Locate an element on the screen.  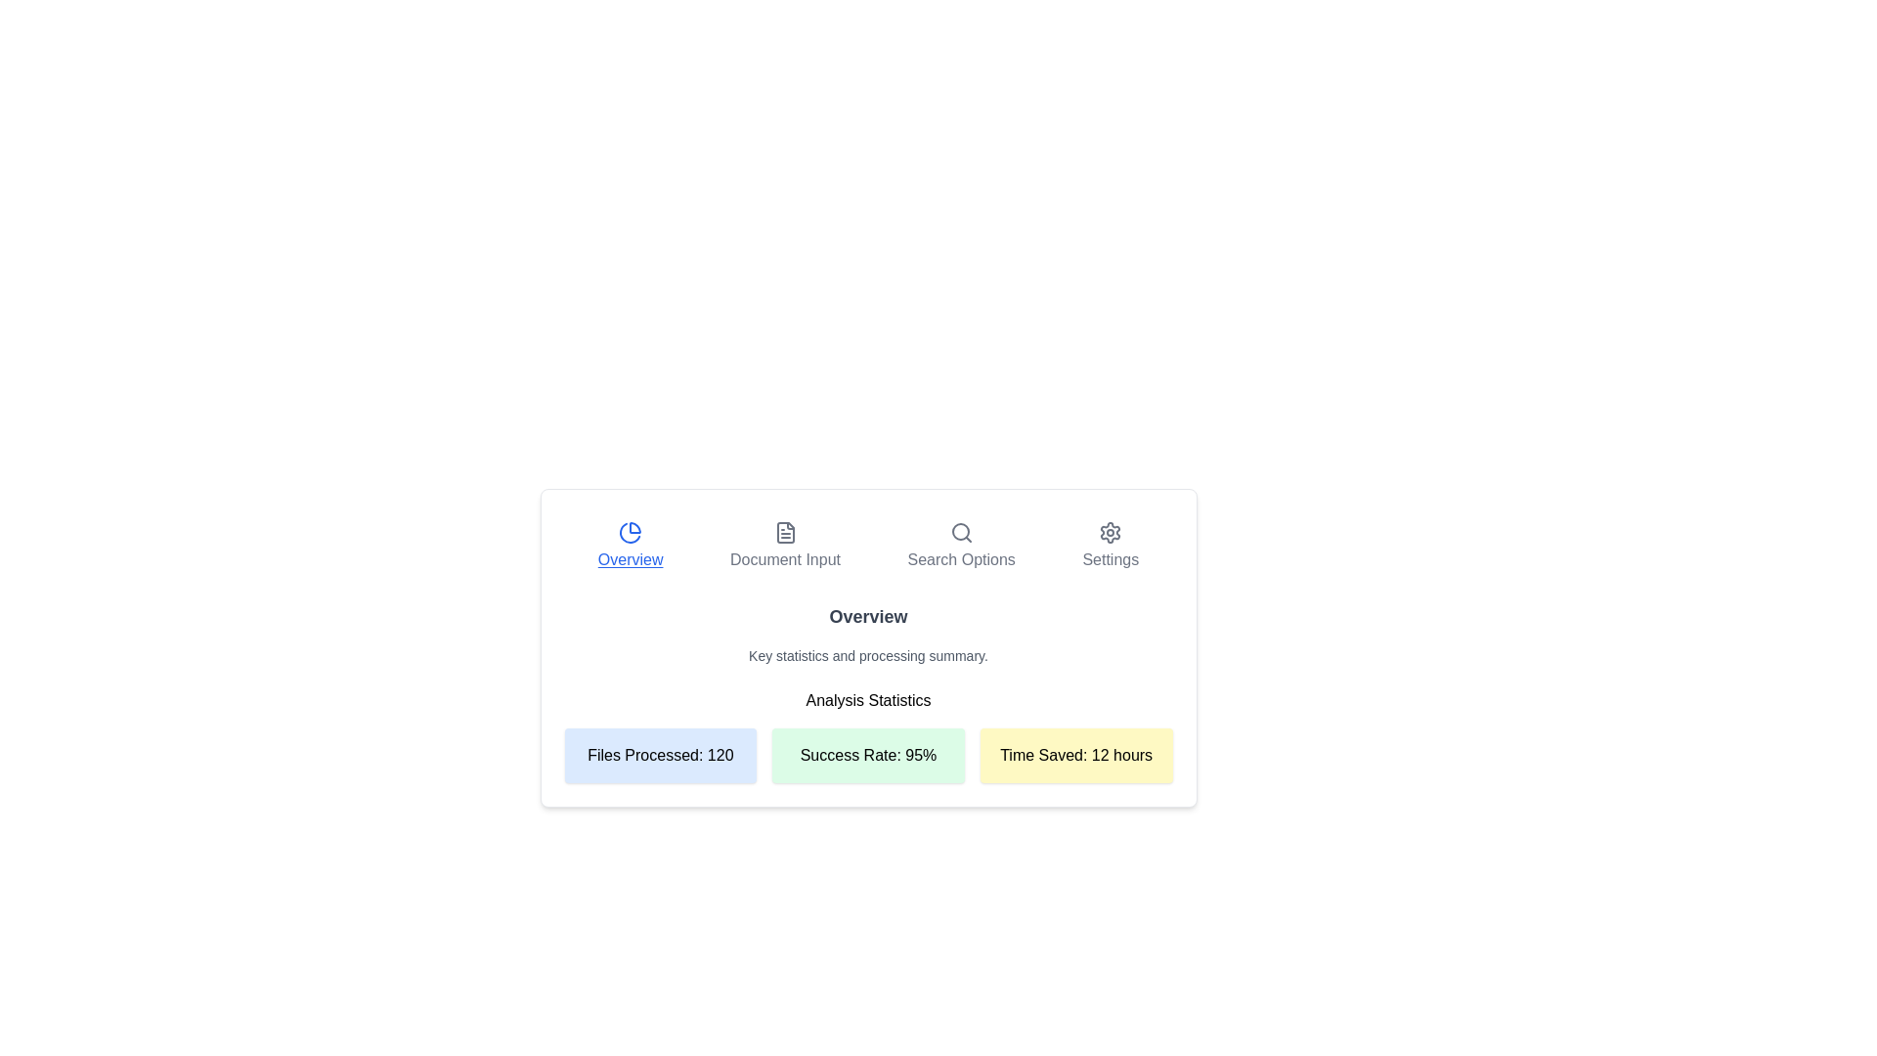
the 'Search Options' text label of the interactive button located is located at coordinates (961, 560).